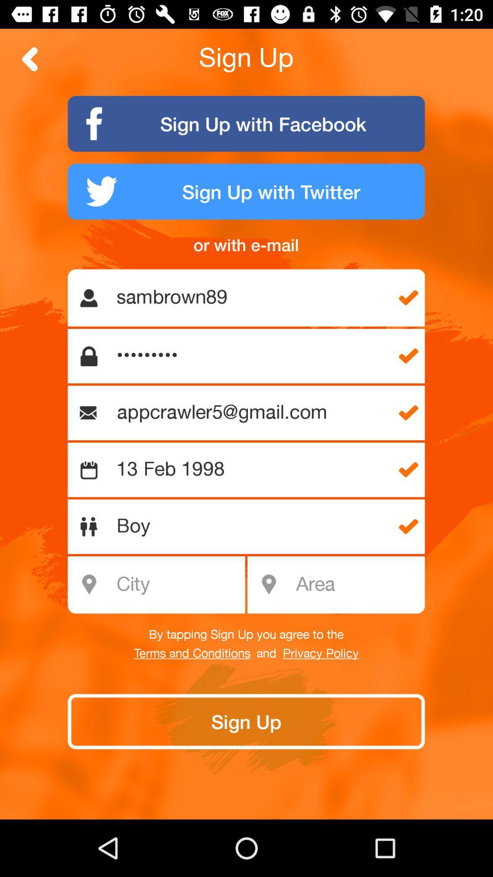 Image resolution: width=493 pixels, height=877 pixels. Describe the element at coordinates (357, 585) in the screenshot. I see `location selection` at that location.